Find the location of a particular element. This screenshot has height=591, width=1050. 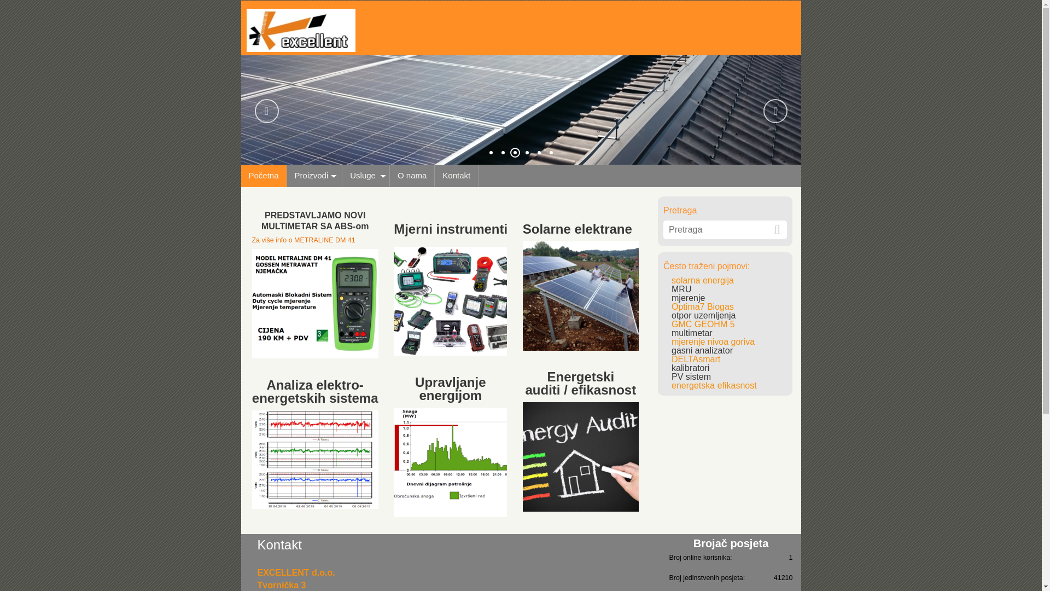

'gasni analizator' is located at coordinates (671, 350).